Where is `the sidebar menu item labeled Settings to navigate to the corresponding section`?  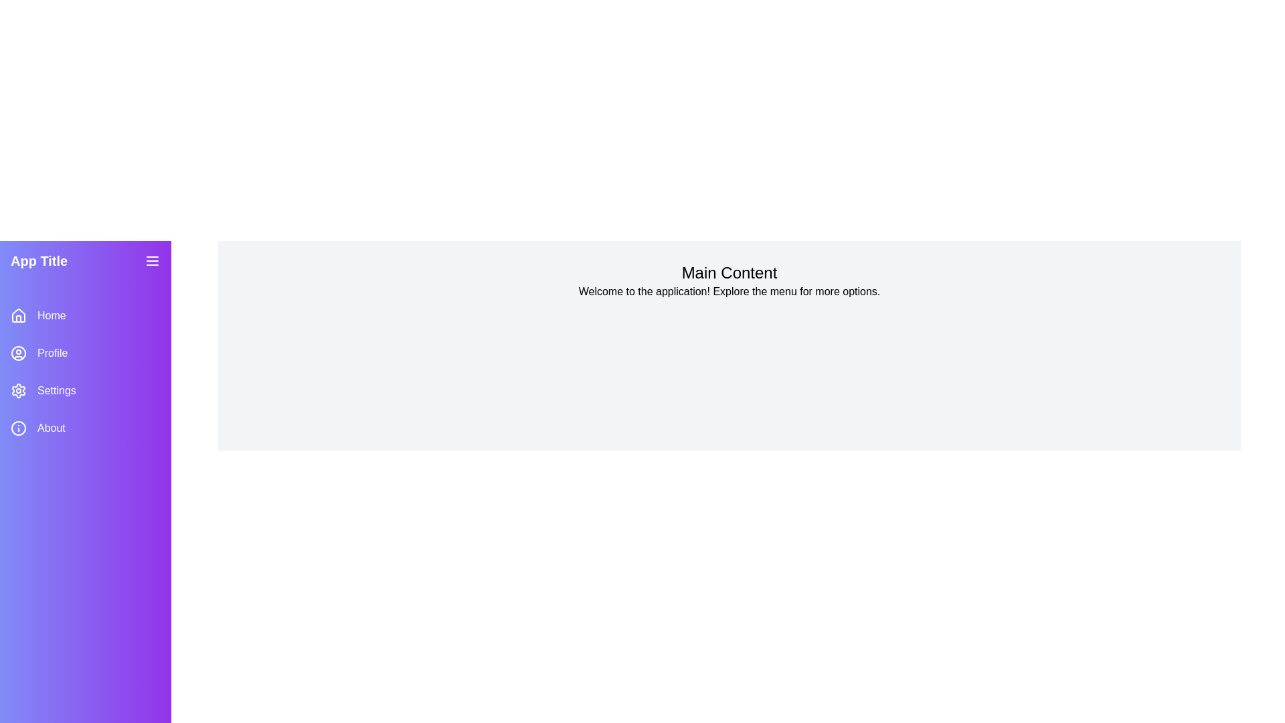
the sidebar menu item labeled Settings to navigate to the corresponding section is located at coordinates (85, 390).